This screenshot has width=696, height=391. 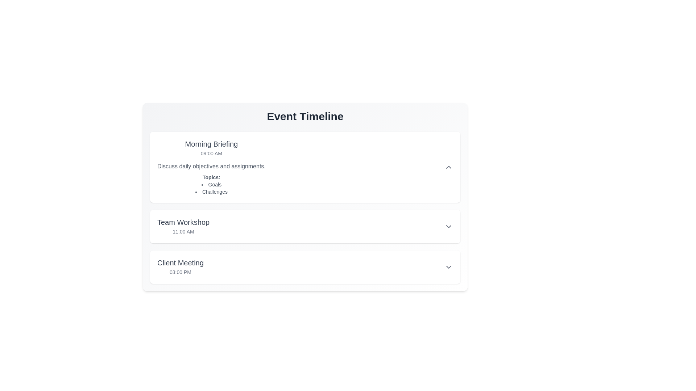 What do you see at coordinates (305, 226) in the screenshot?
I see `the 'Team Workshop' interactive event item` at bounding box center [305, 226].